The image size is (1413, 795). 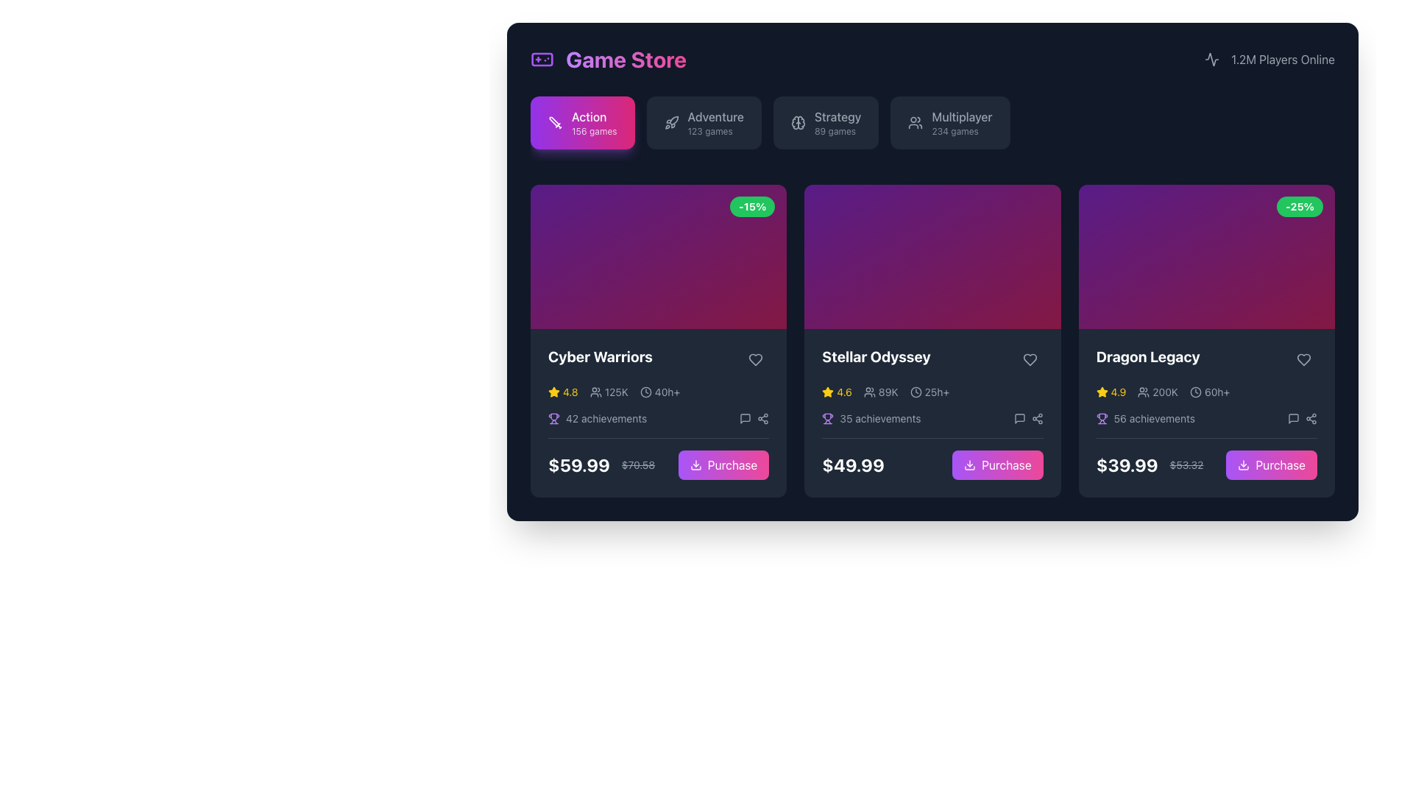 I want to click on the yellow star-shaped rating indicator icon located to the left of the text '4.9' in the lower section of the rightmost game card labeled 'Dragon Legacy', so click(x=1102, y=391).